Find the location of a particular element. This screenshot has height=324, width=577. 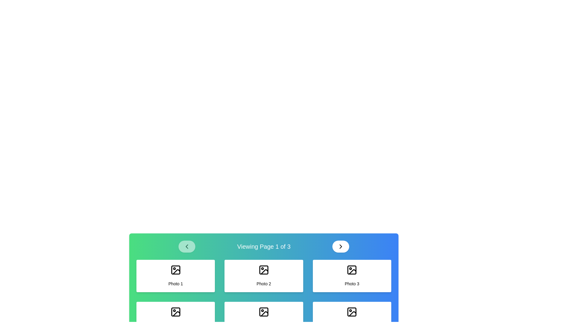

the text label that reads 'Viewing Page 1 of 3', which is centrally placed within a colorful gradient background and located above the image grid is located at coordinates (264, 246).